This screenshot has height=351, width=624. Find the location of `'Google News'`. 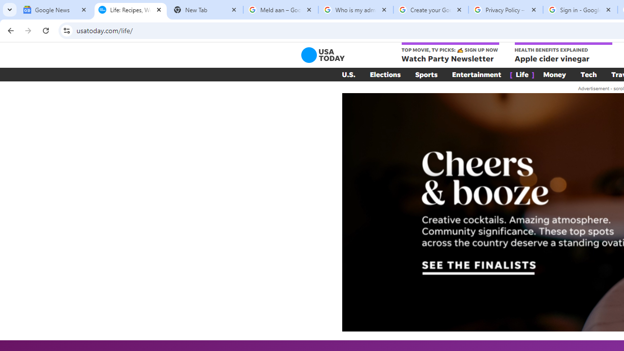

'Google News' is located at coordinates (55, 10).